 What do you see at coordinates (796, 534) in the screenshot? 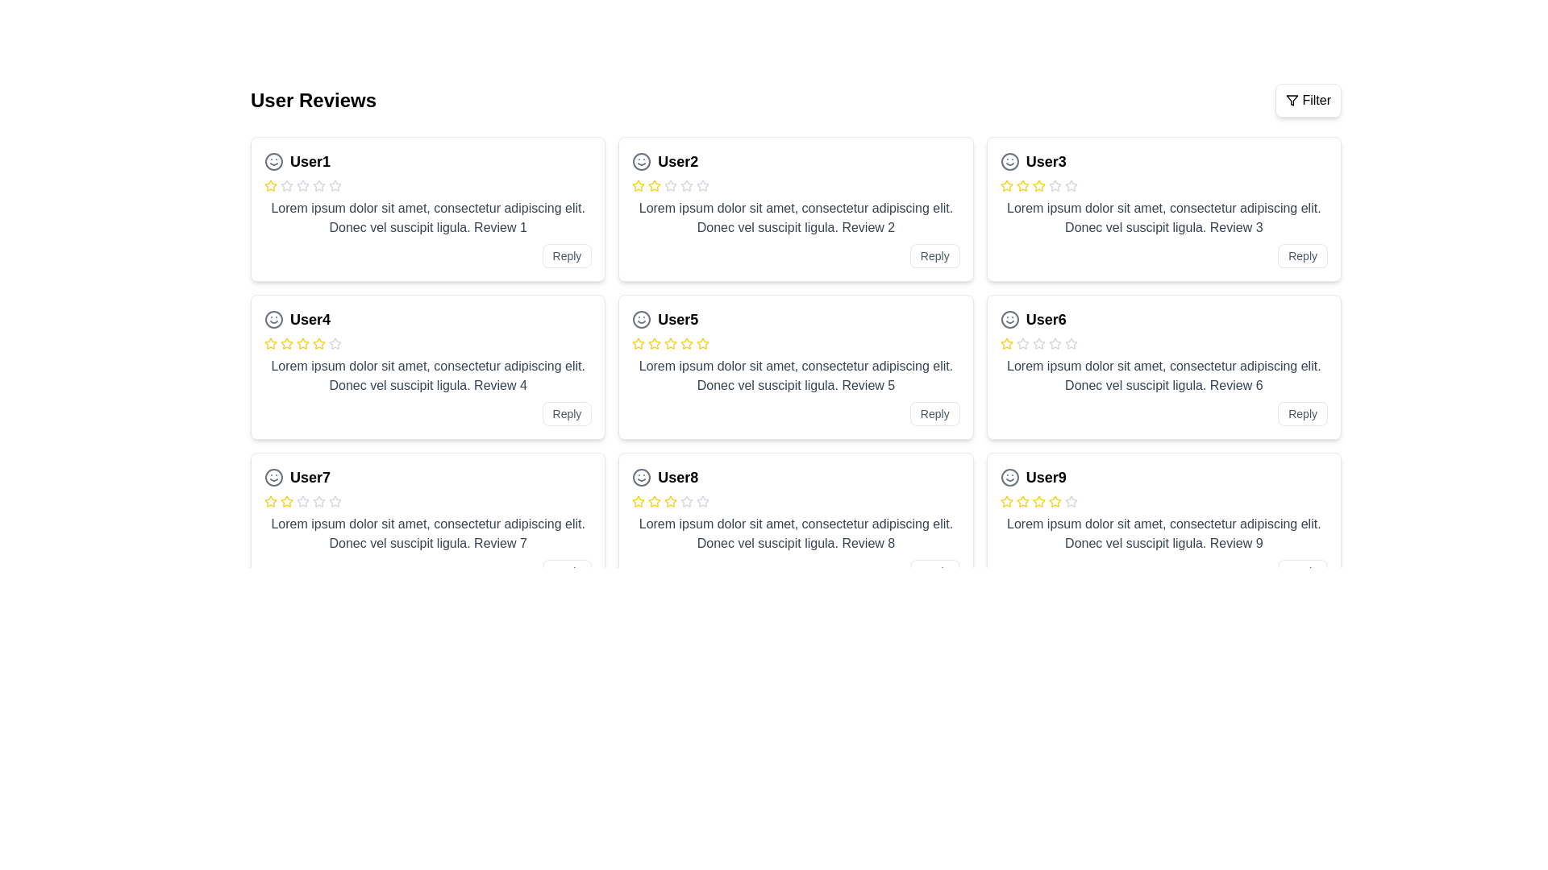
I see `the paragraph of text styled in a compact, gray font that displays the content: 'Lorem ipsum dolor sit amet, consectetur adipiscing elit. Donec vel suscipit ligula. Review 8.', located below the 'User8' label and rating stars in the User8 review card` at bounding box center [796, 534].